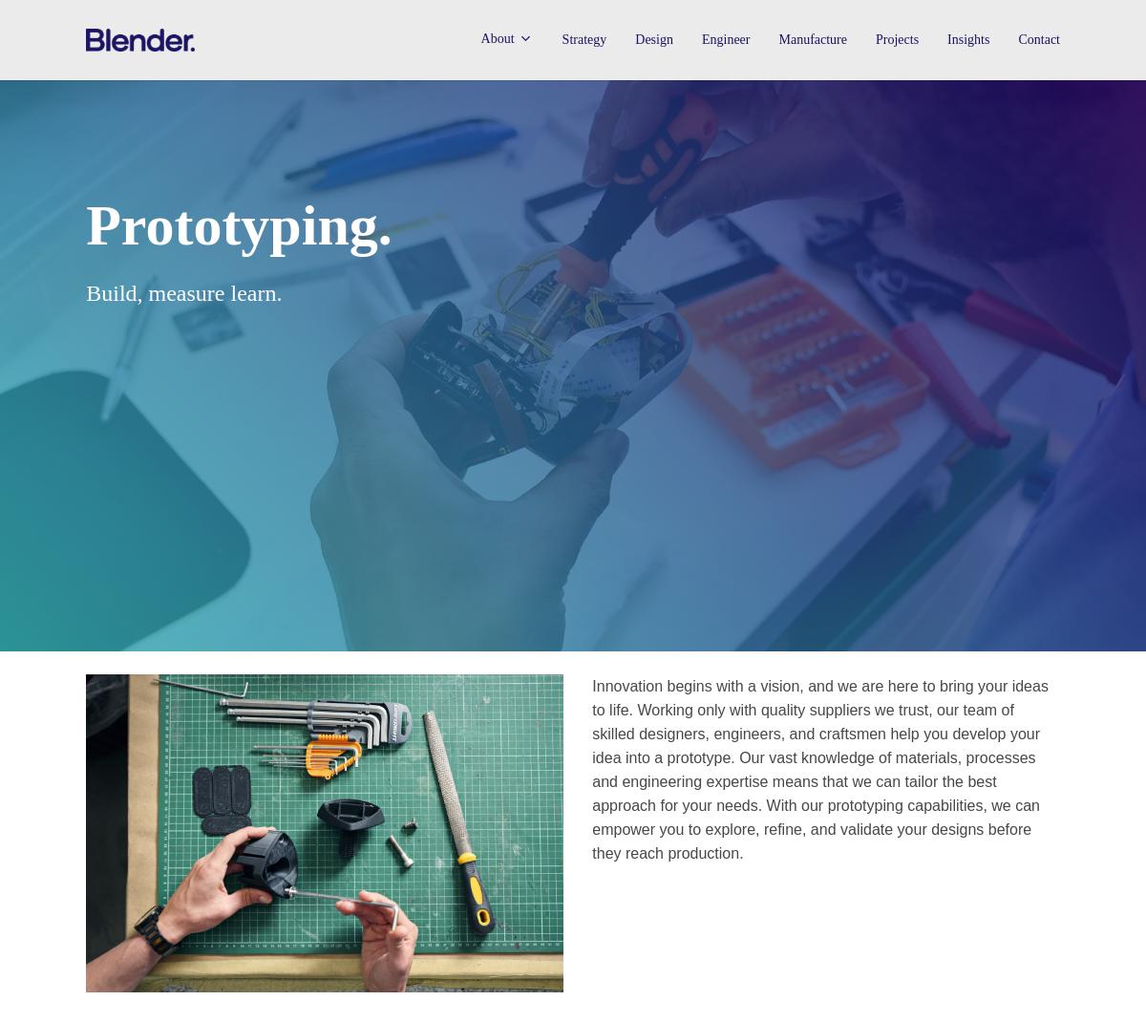  I want to click on 'People', so click(508, 162).